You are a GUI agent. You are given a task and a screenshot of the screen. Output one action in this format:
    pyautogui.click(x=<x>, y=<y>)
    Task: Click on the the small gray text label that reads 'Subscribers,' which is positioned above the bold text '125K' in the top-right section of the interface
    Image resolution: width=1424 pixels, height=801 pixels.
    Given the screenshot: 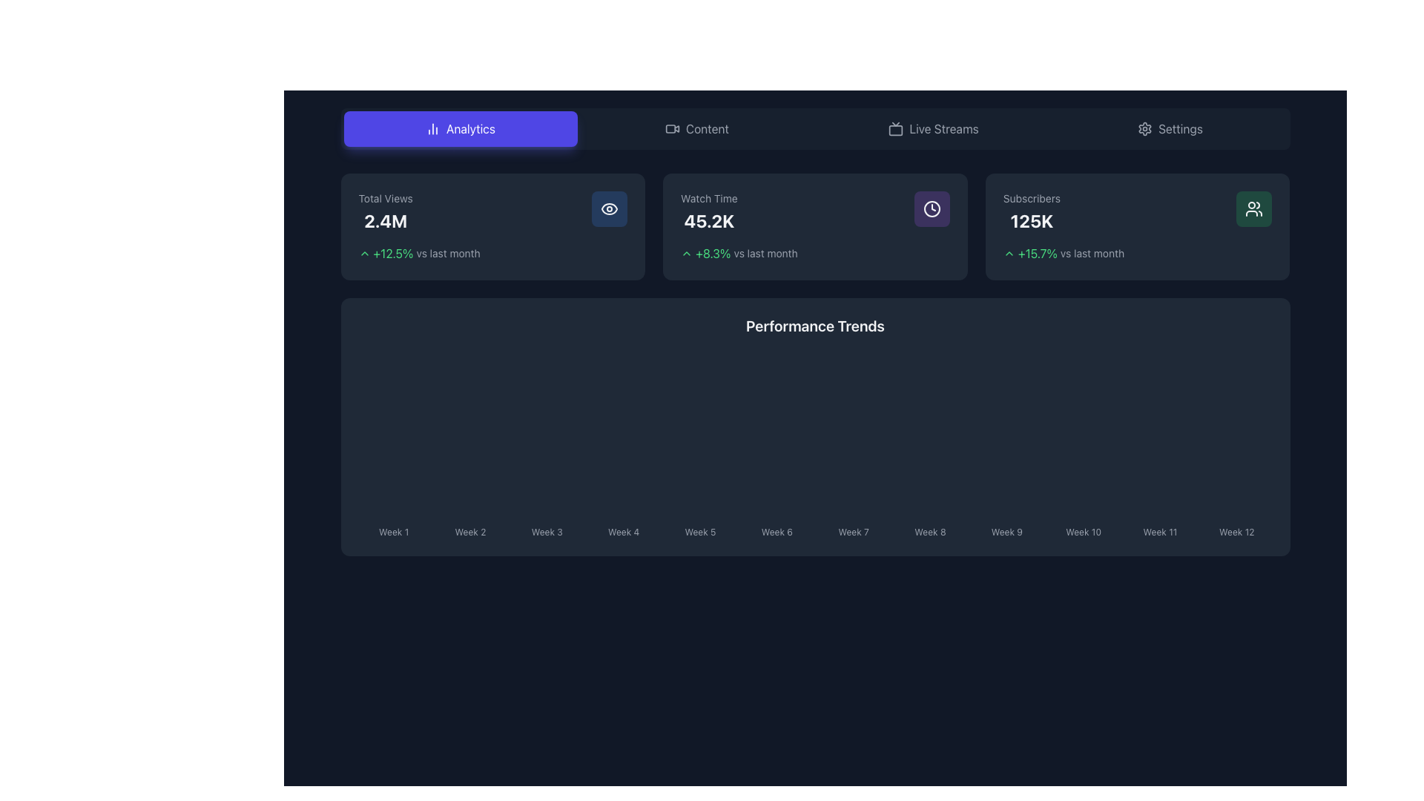 What is the action you would take?
    pyautogui.click(x=1031, y=197)
    